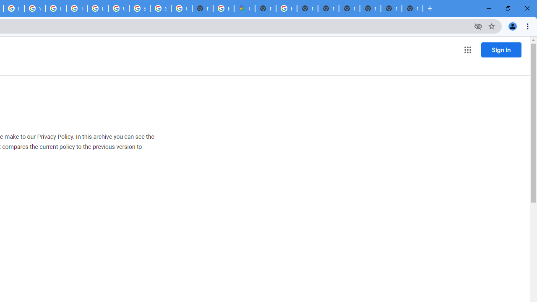  What do you see at coordinates (391, 8) in the screenshot?
I see `'New Tab'` at bounding box center [391, 8].